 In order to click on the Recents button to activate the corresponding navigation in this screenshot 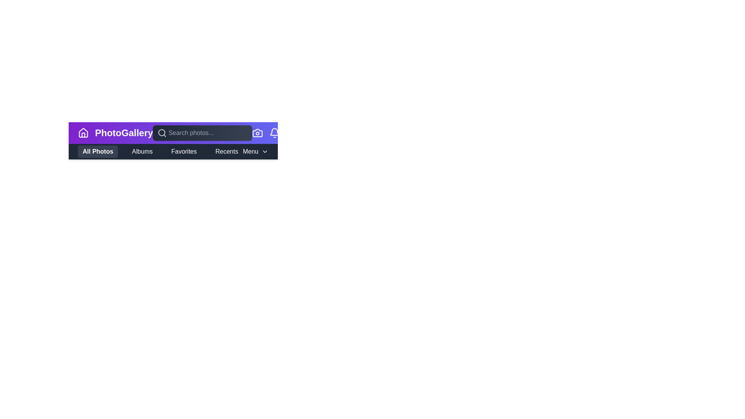, I will do `click(226, 151)`.